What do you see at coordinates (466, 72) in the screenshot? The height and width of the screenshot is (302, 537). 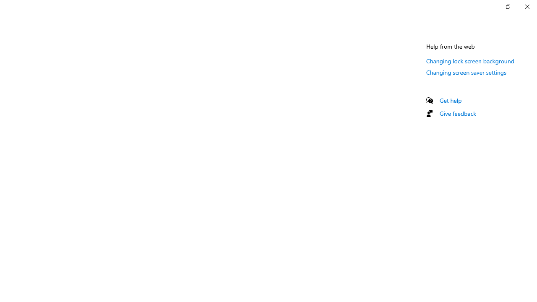 I see `'Changing screen saver settings'` at bounding box center [466, 72].